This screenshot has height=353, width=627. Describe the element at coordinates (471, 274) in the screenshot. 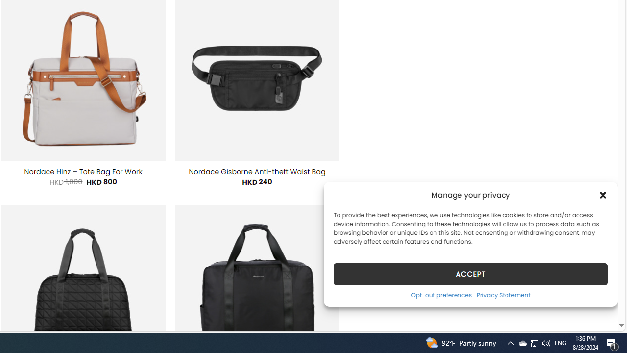

I see `'ACCEPT'` at that location.